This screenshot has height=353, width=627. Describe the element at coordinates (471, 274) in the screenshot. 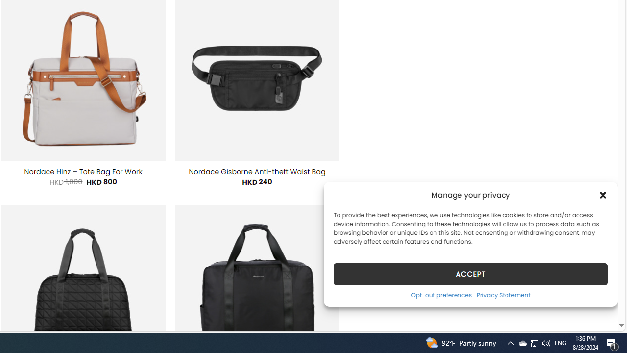

I see `'ACCEPT'` at that location.